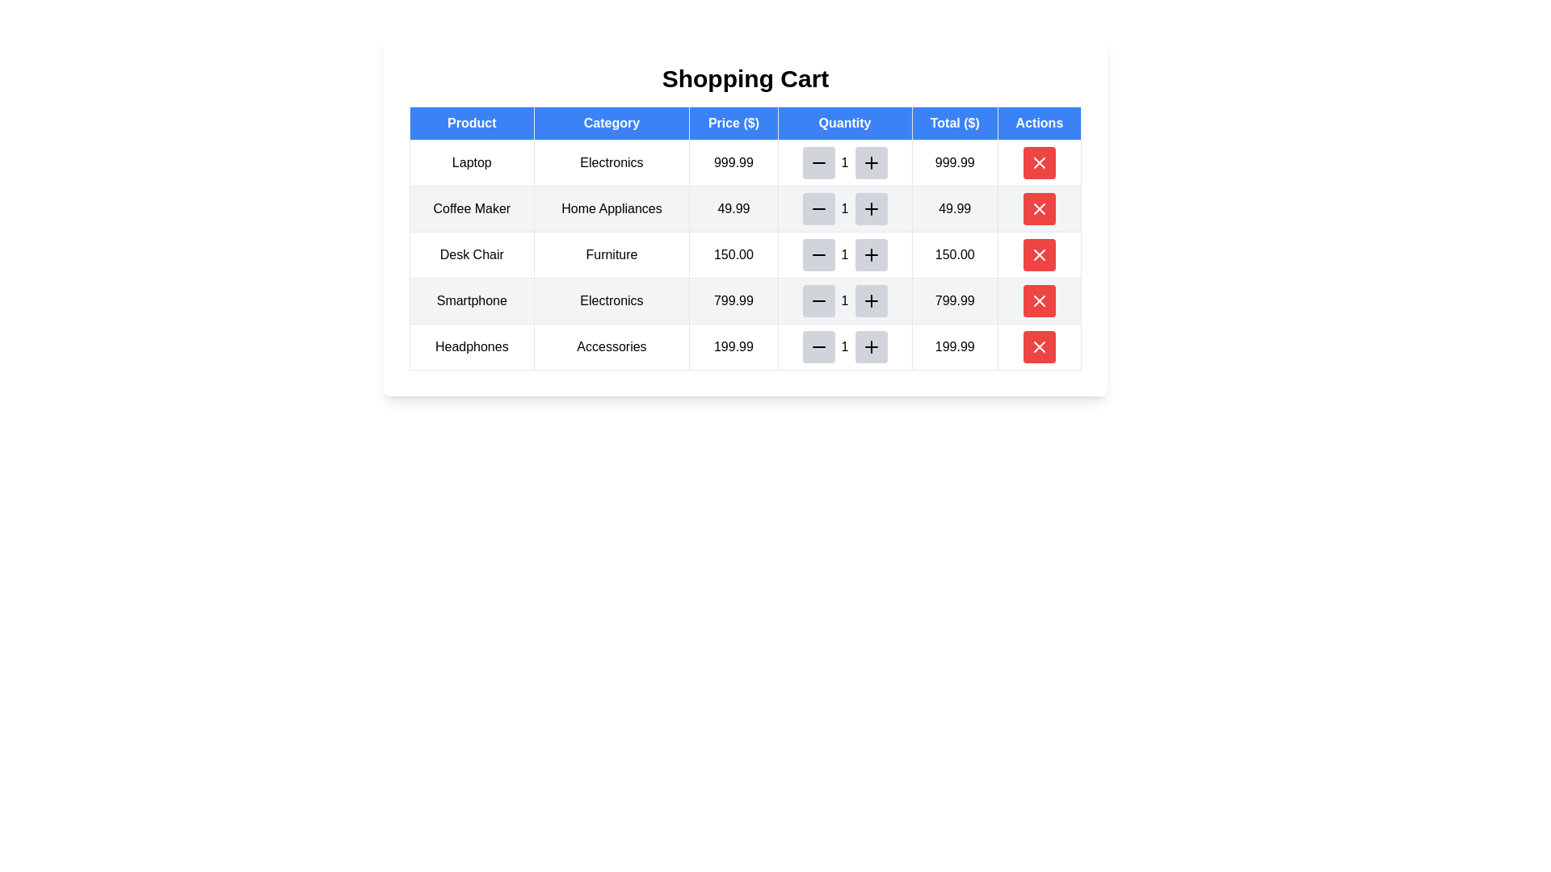 Image resolution: width=1551 pixels, height=872 pixels. I want to click on the static text display element that shows the current quantity of the product, positioned centrally between the 'minus' and 'plus' buttons in the quantity adjustment mechanism, so click(844, 346).